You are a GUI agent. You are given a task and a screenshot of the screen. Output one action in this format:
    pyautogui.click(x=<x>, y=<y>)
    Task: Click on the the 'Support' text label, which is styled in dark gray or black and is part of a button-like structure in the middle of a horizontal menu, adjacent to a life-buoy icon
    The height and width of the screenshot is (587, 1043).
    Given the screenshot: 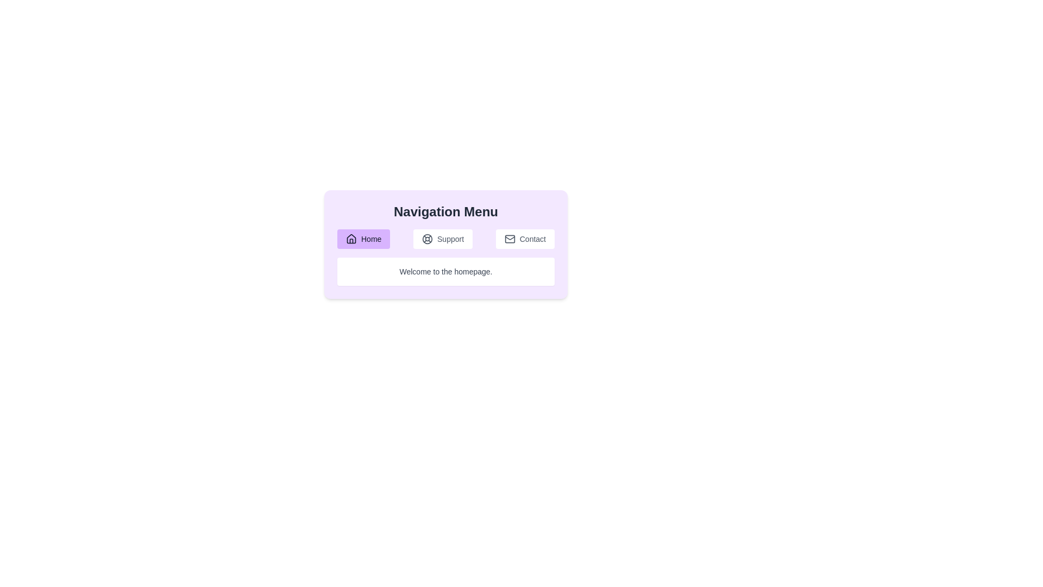 What is the action you would take?
    pyautogui.click(x=450, y=238)
    